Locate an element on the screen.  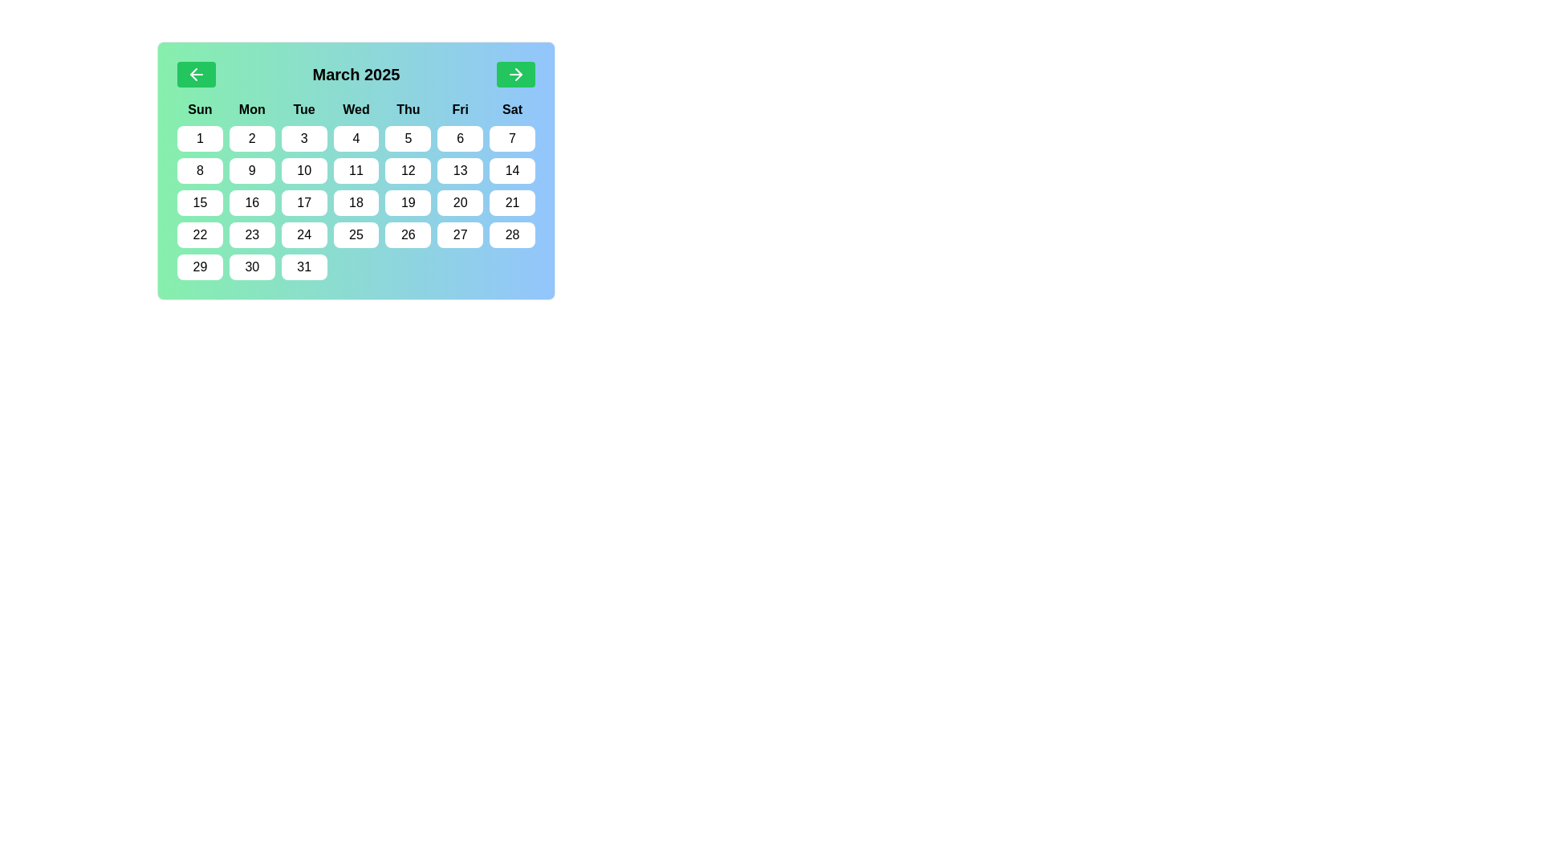
the calendar date button representing the date '15', located under the 'Sun' column is located at coordinates (199, 202).